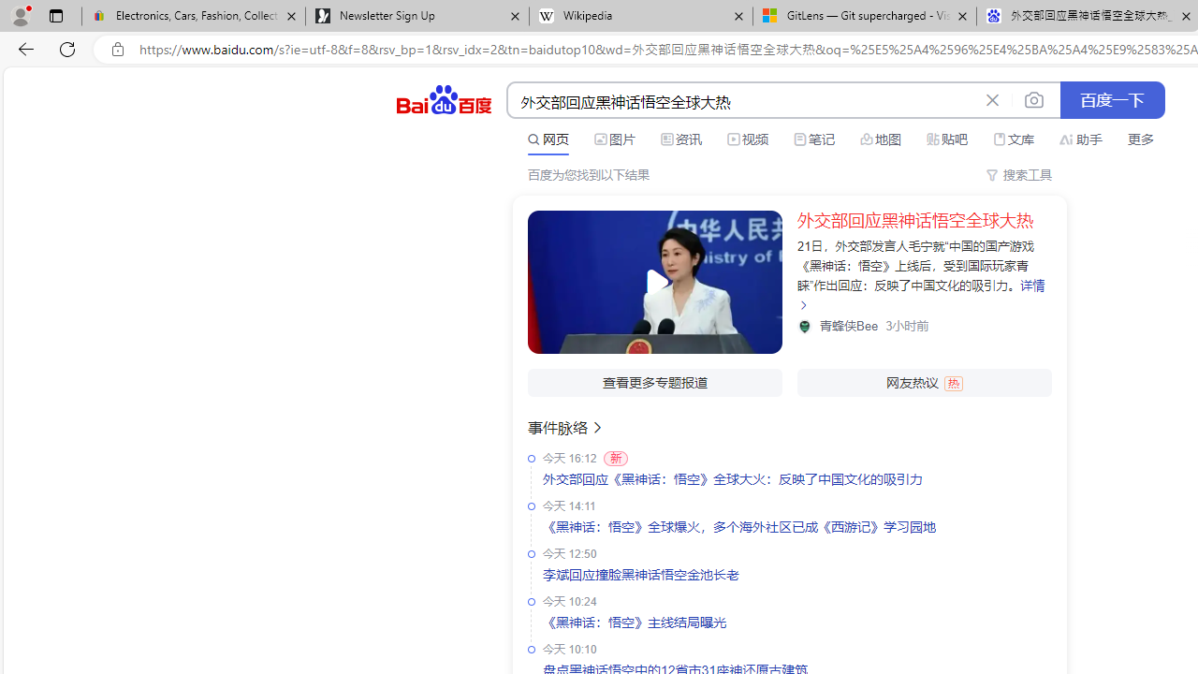 Image resolution: width=1198 pixels, height=674 pixels. I want to click on 'View site information', so click(117, 49).